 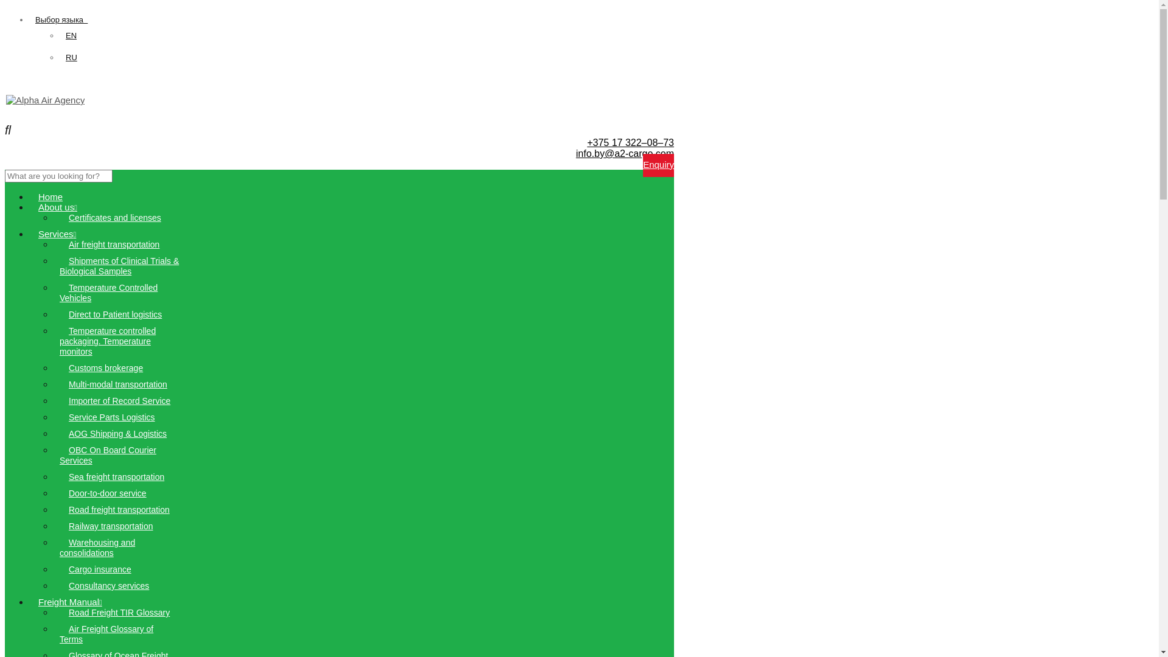 I want to click on 'EN', so click(x=70, y=35).